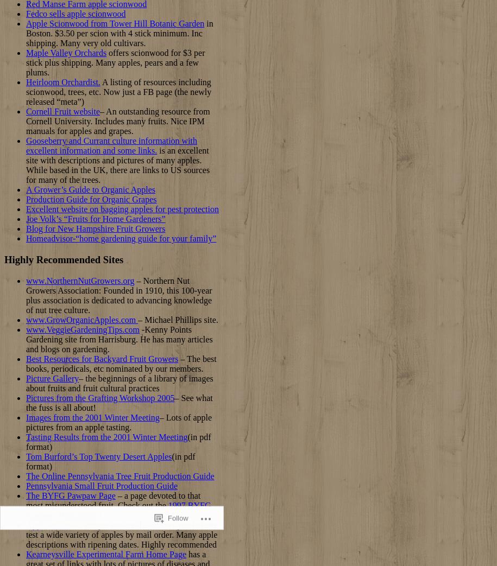 The image size is (497, 566). What do you see at coordinates (121, 534) in the screenshot?
I see `'– a unique service that allows you to taste test a wide variety of apples by mail order. Many apple descriptions with ripening dates. Highly recommended'` at bounding box center [121, 534].